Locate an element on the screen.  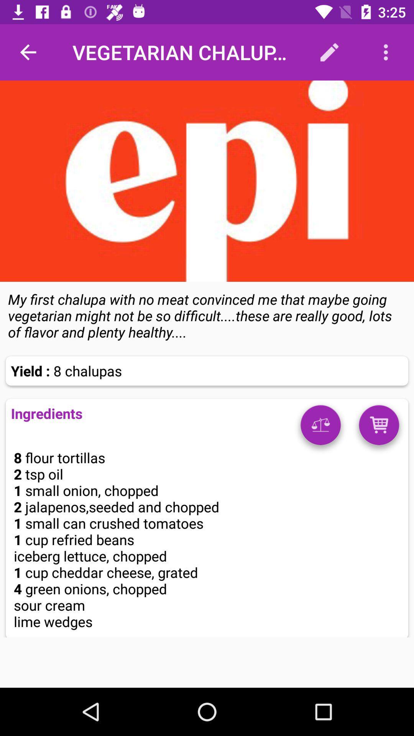
icon to the right of vegetarian chalupas icon is located at coordinates (329, 52).